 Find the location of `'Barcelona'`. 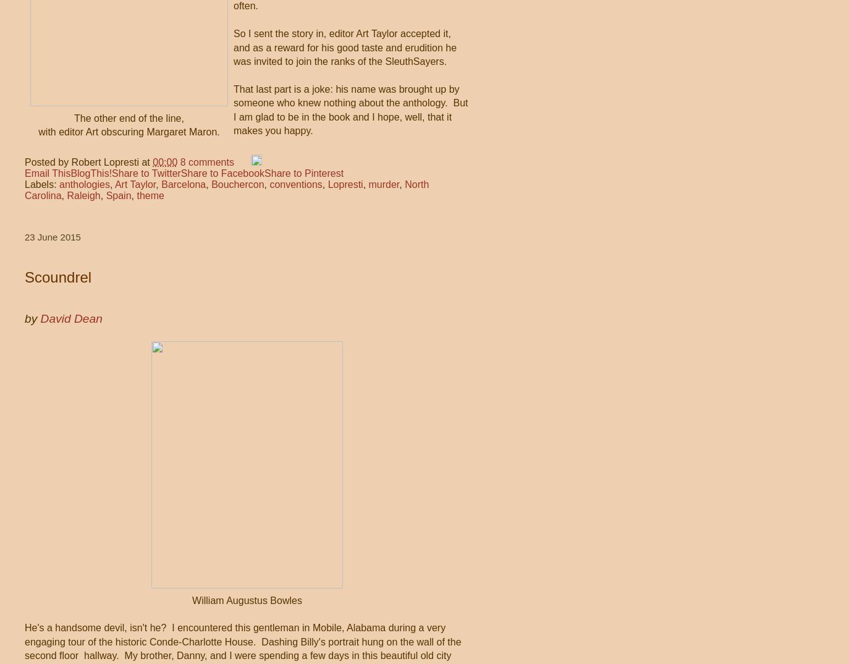

'Barcelona' is located at coordinates (183, 184).